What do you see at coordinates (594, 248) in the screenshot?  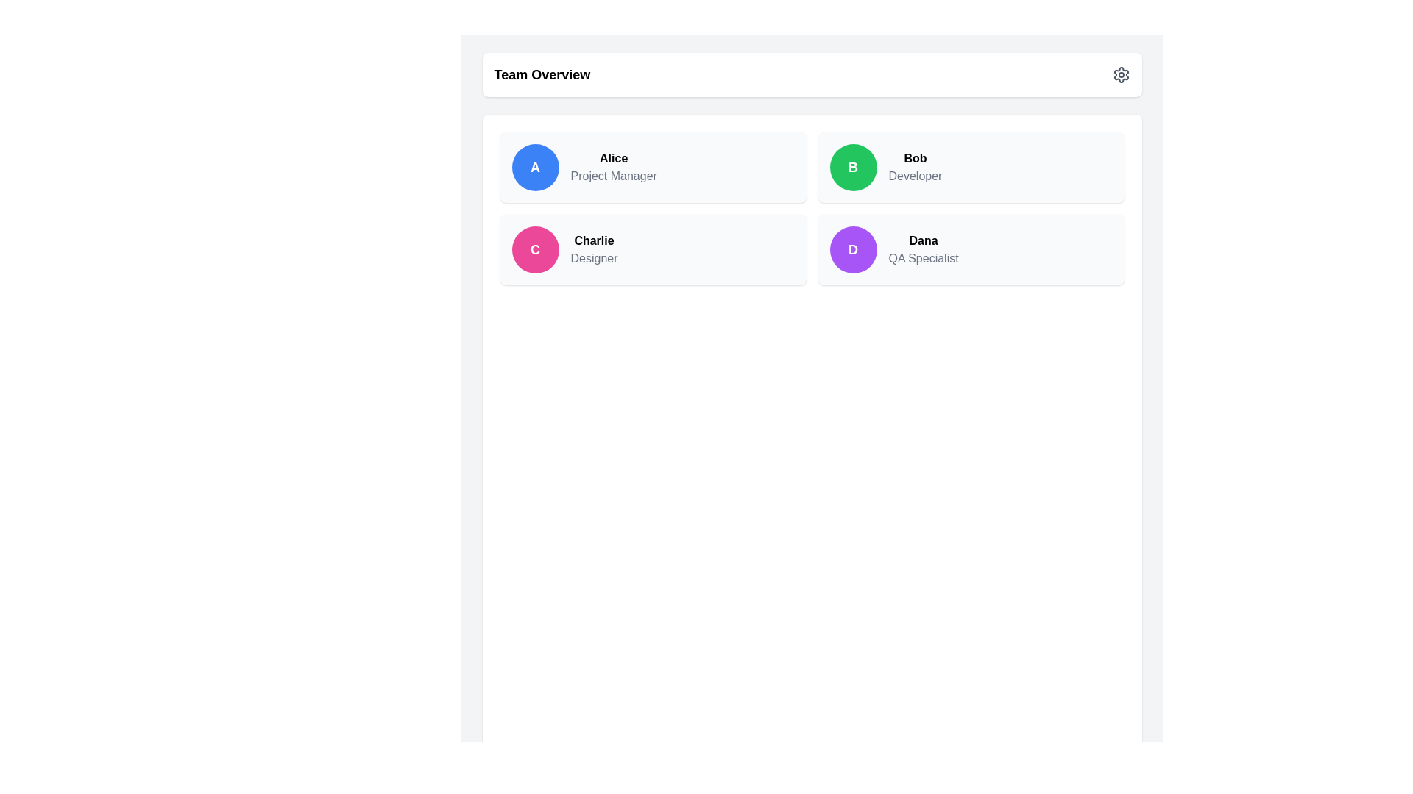 I see `the Text display element showing 'Charlie' in bold and 'Designer' in gray, located in the lower-left card of the 'Team Overview' section` at bounding box center [594, 248].